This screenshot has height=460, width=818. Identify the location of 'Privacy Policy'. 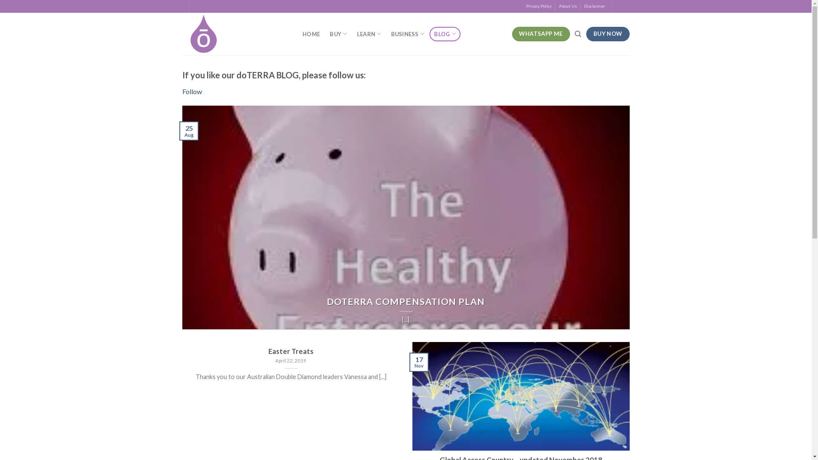
(539, 6).